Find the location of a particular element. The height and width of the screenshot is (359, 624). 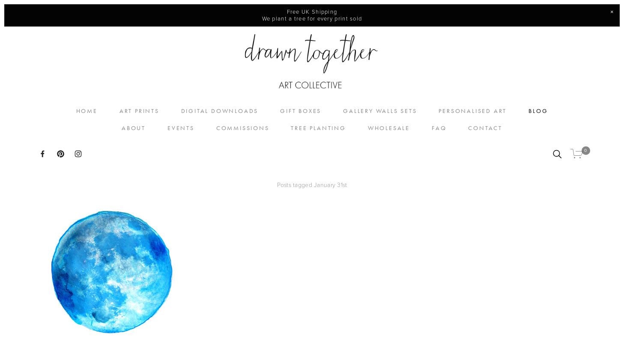

'We plant a tree for every print sold' is located at coordinates (261, 18).